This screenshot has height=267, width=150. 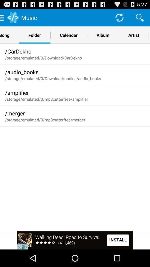 What do you see at coordinates (75, 240) in the screenshot?
I see `advertisement link` at bounding box center [75, 240].